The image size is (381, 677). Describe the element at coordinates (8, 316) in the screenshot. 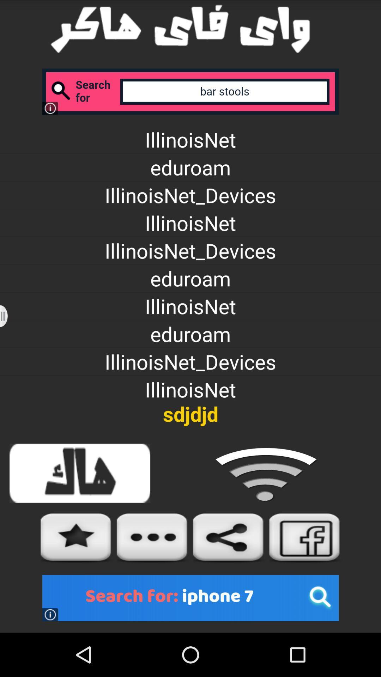

I see `icon to the left of illinoisnet icon` at that location.